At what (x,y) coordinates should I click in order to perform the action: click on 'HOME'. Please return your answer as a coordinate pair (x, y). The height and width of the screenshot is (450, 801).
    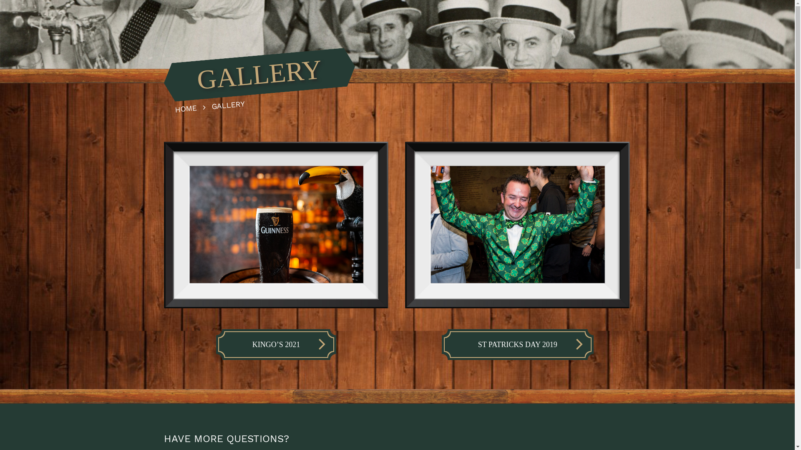
    Looking at the image, I should click on (192, 106).